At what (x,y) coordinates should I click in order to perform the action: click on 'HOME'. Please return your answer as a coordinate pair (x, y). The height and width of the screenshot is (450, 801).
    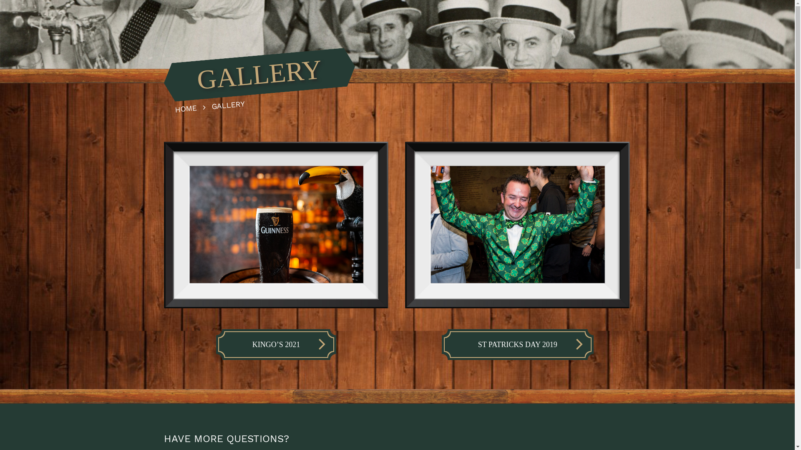
    Looking at the image, I should click on (192, 106).